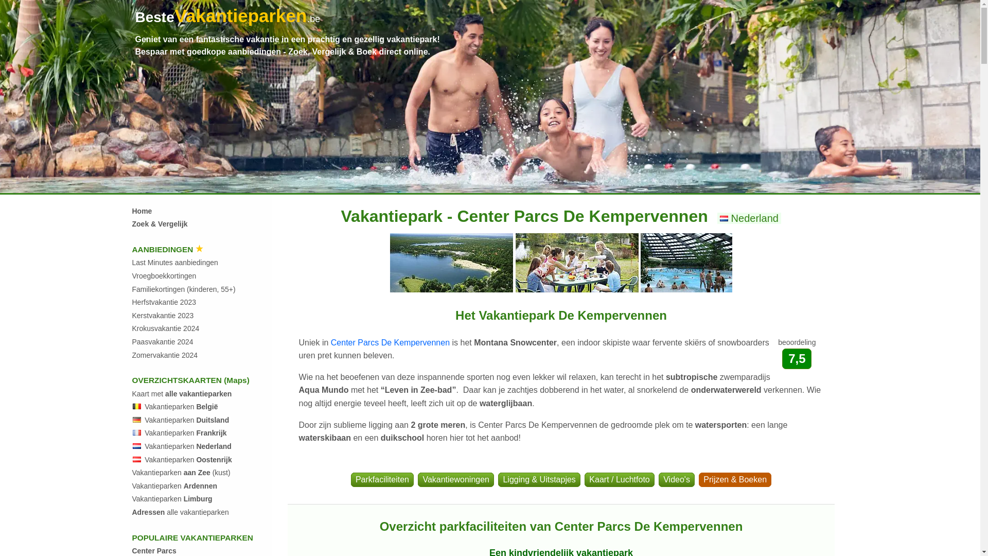 The image size is (988, 556). Describe the element at coordinates (538, 480) in the screenshot. I see `'Ligging & Uitstapjes'` at that location.